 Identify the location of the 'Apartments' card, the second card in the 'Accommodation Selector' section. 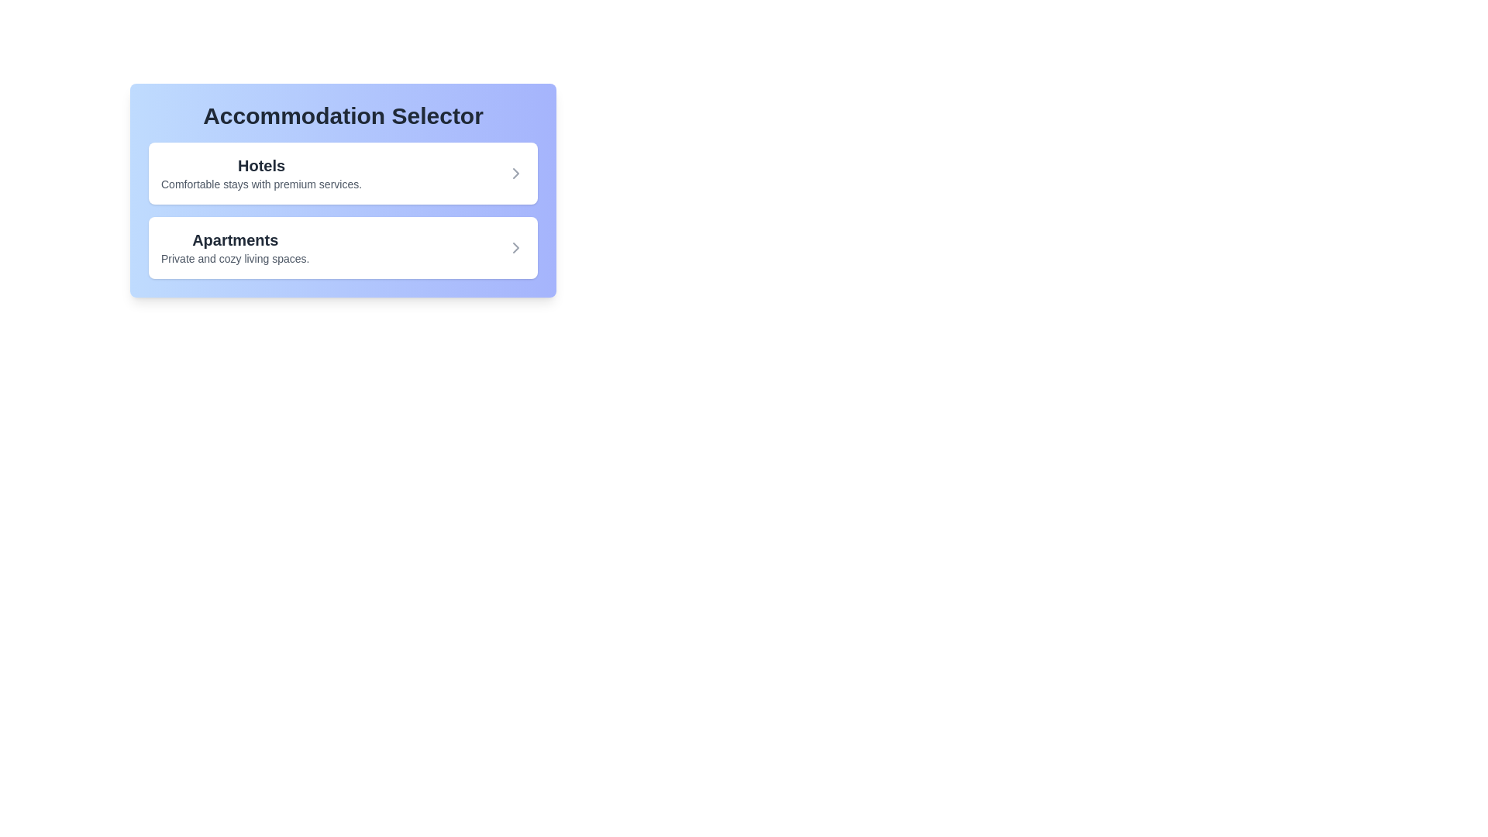
(342, 247).